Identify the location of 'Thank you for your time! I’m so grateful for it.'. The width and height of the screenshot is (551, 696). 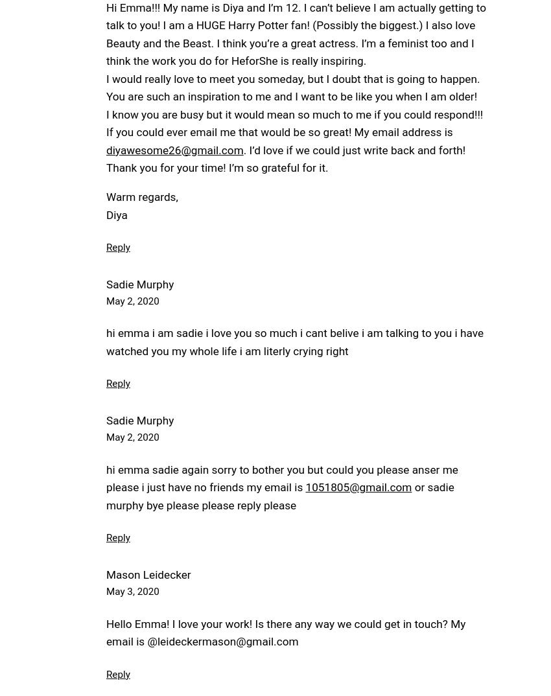
(217, 167).